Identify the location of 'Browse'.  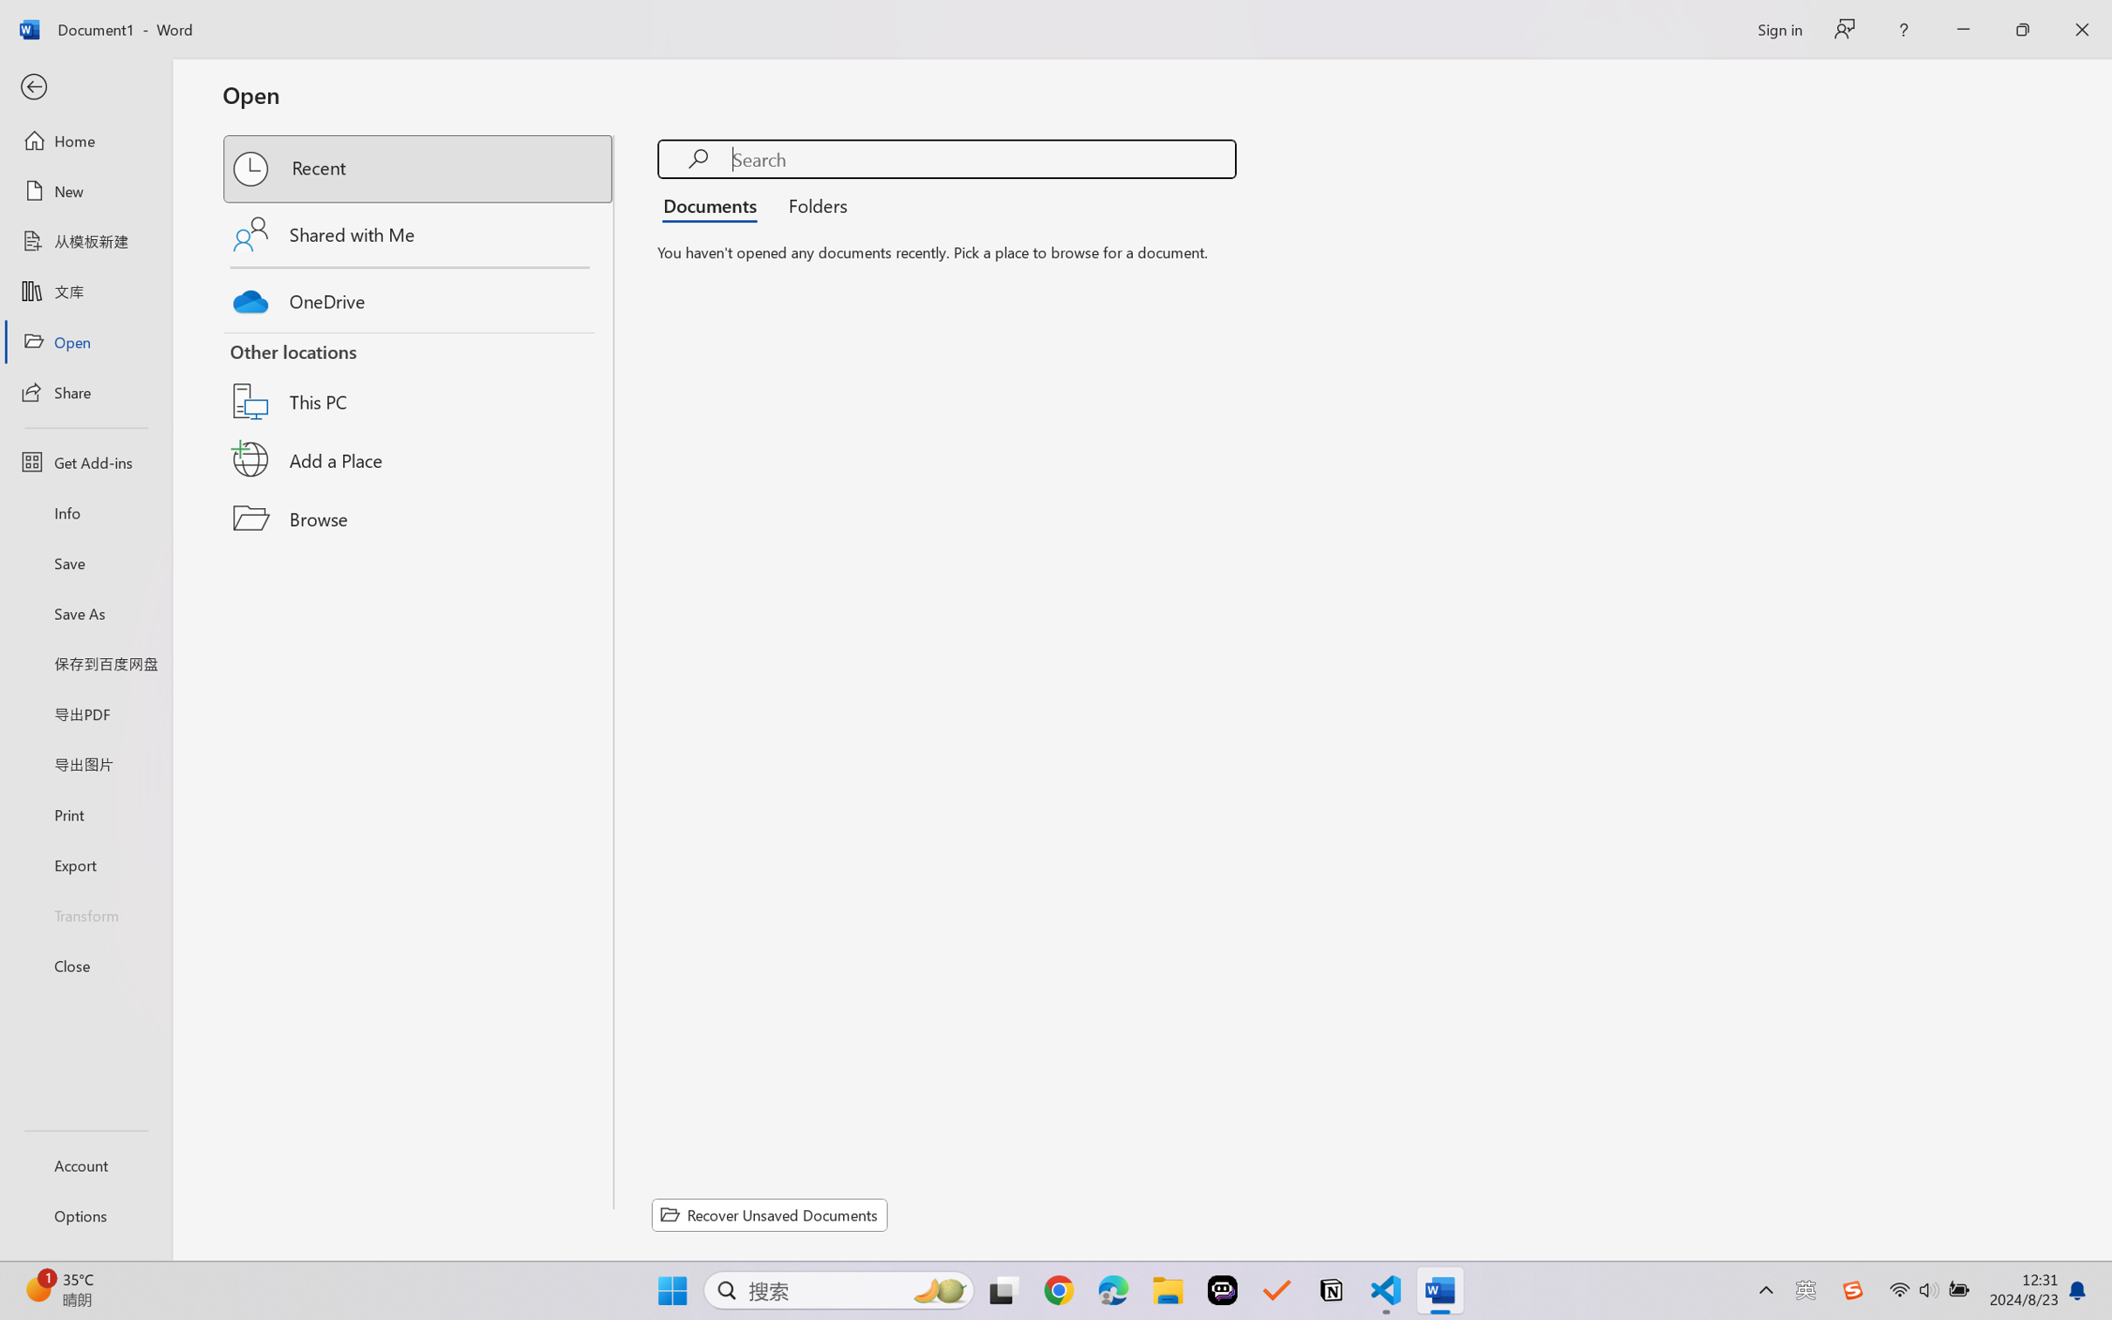
(419, 518).